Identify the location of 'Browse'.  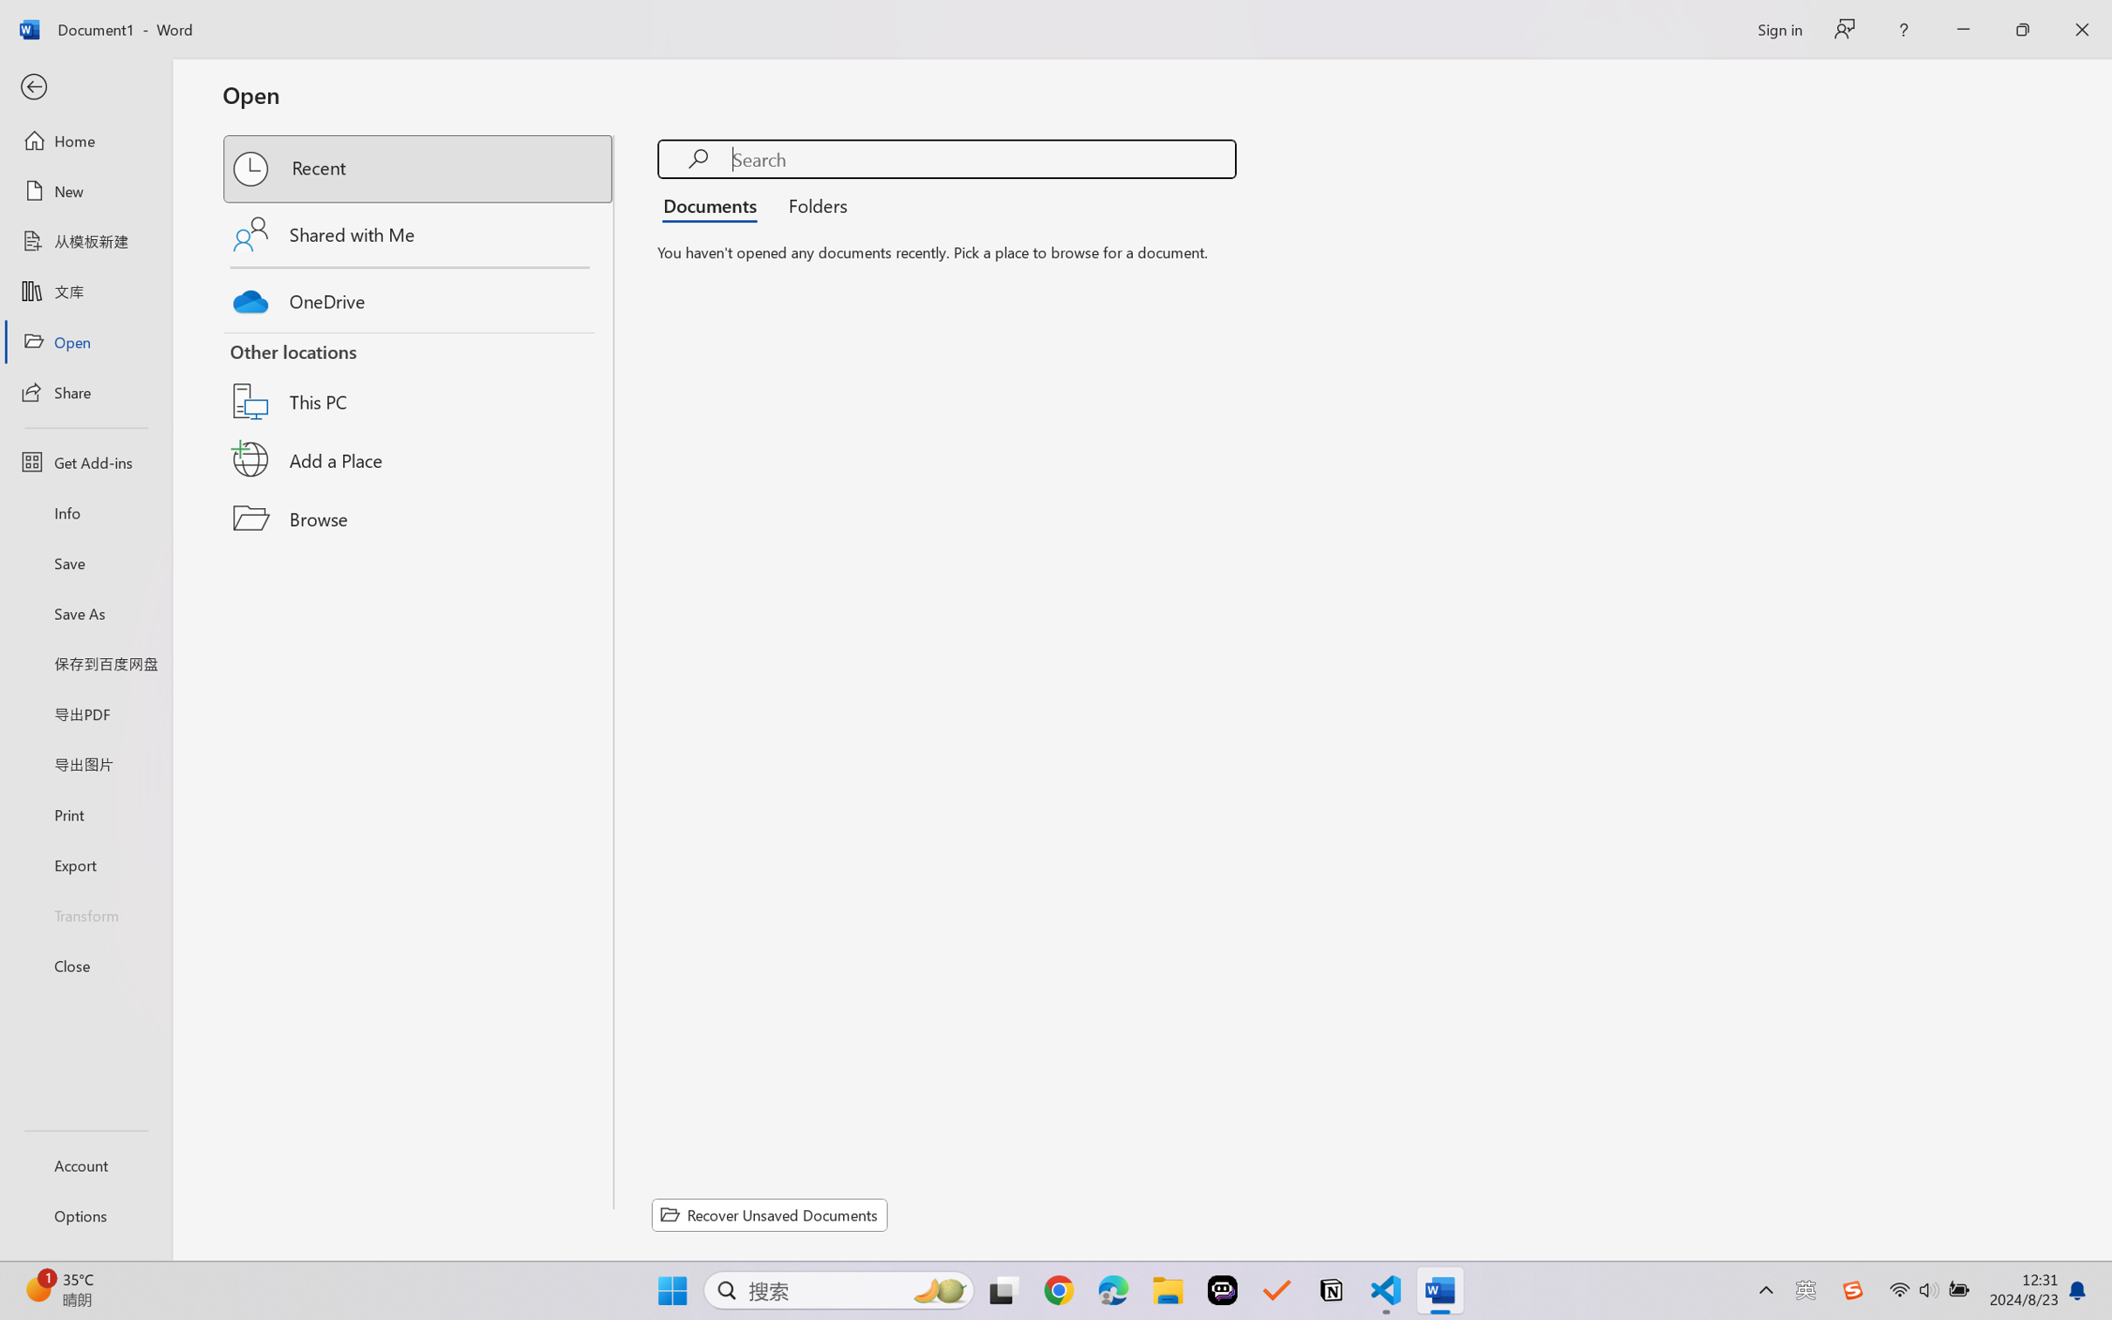
(419, 518).